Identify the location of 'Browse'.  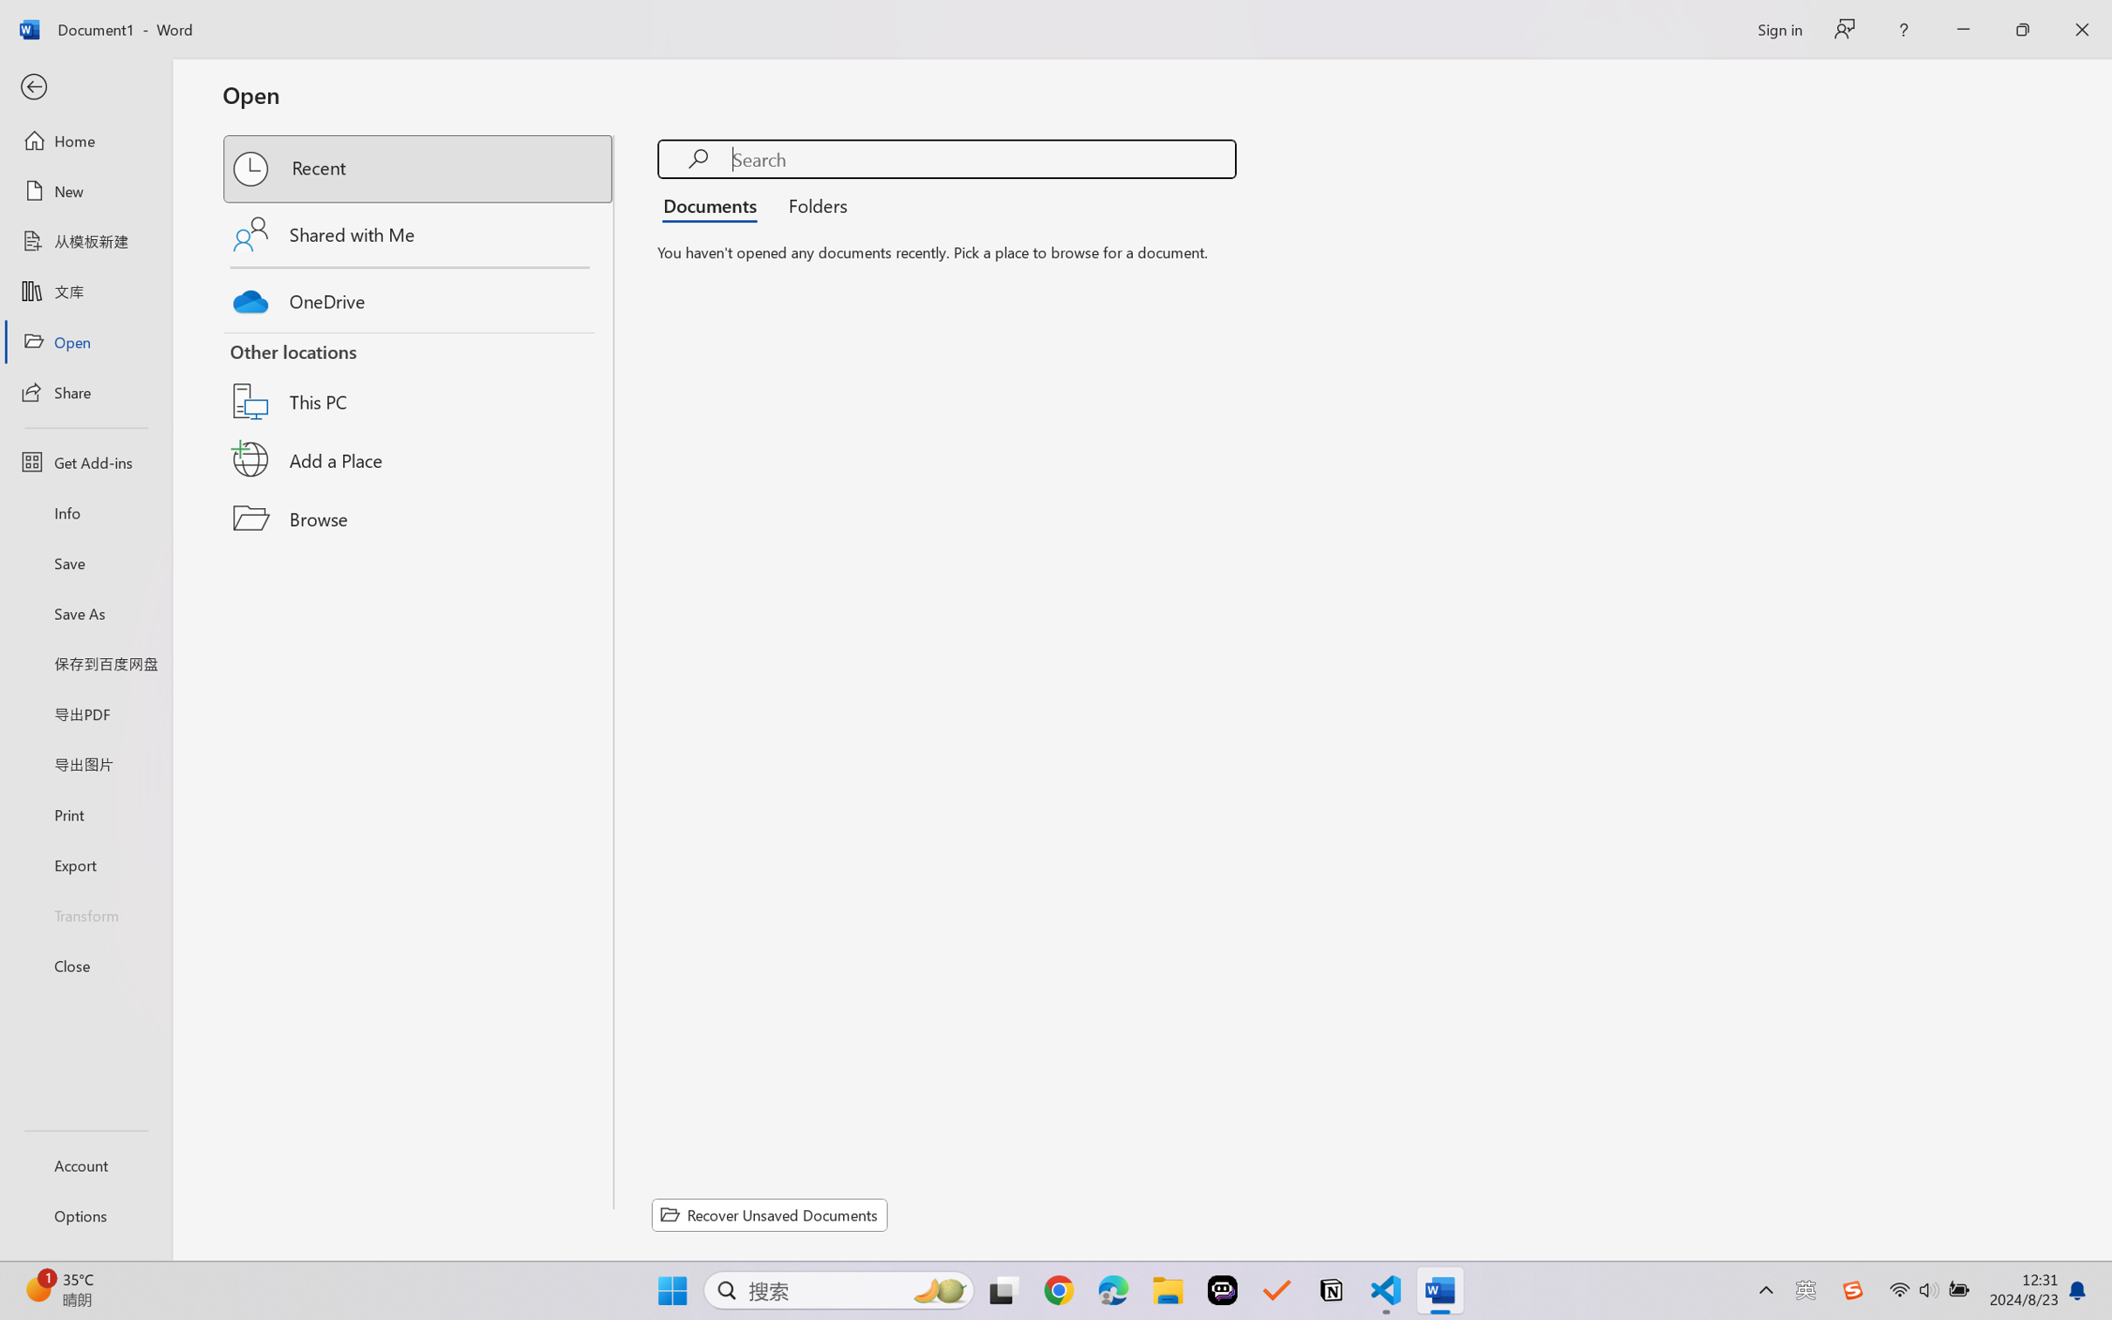
(419, 518).